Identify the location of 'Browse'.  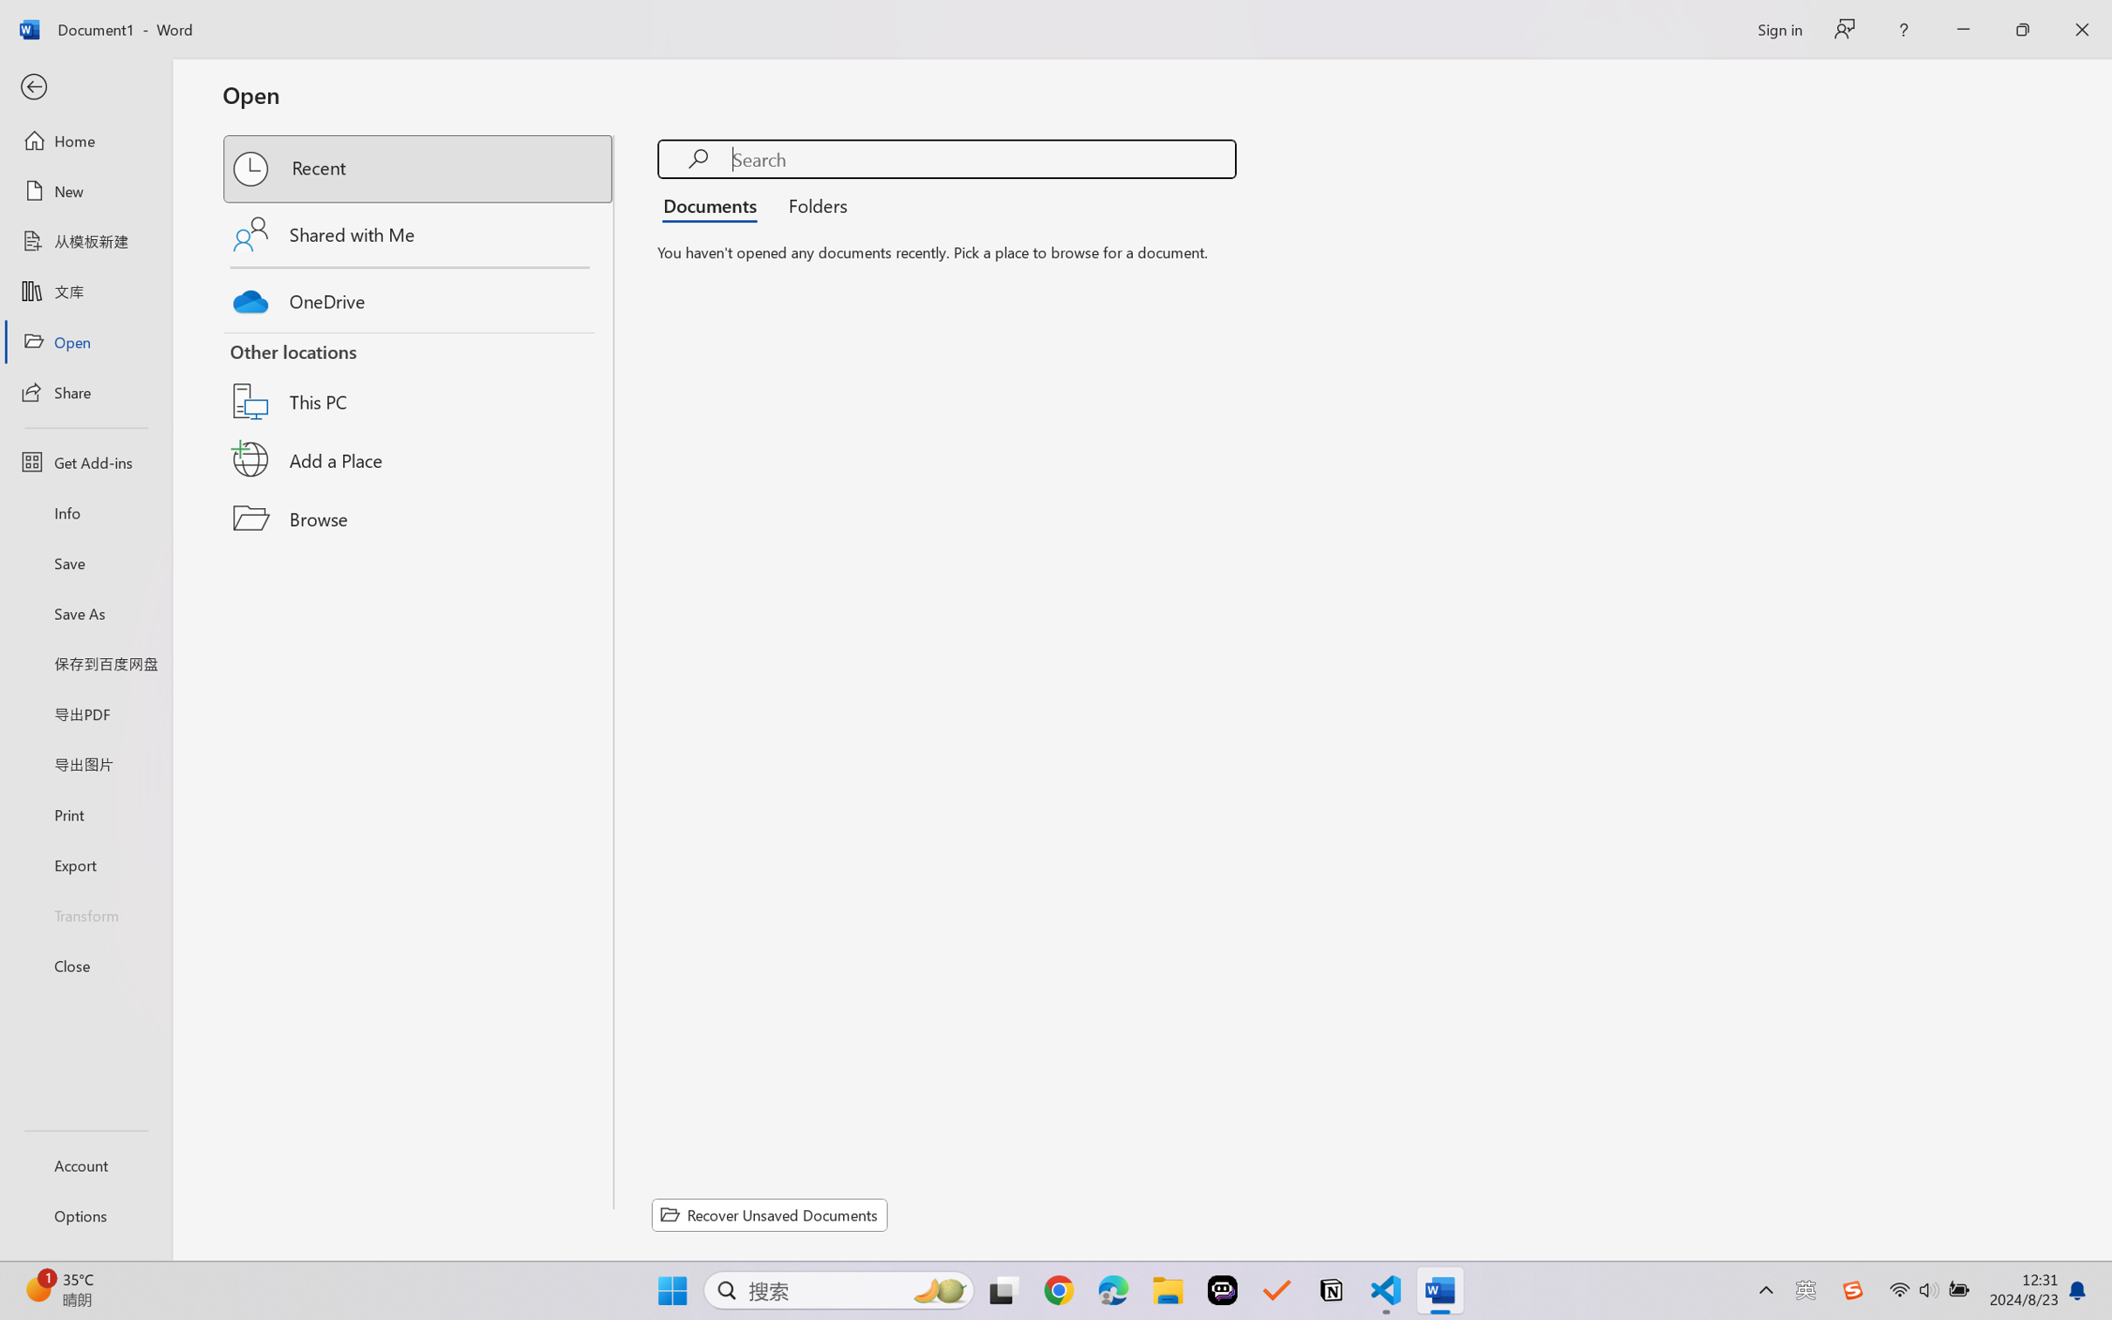
(419, 518).